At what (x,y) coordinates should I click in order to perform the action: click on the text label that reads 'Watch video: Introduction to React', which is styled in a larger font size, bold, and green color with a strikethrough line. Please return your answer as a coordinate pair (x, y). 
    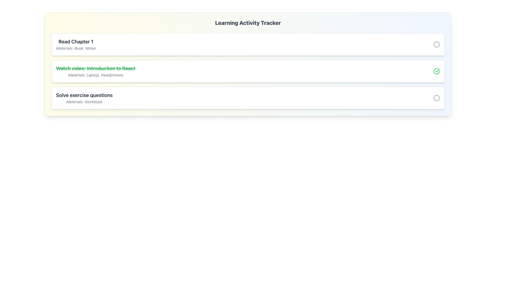
    Looking at the image, I should click on (96, 68).